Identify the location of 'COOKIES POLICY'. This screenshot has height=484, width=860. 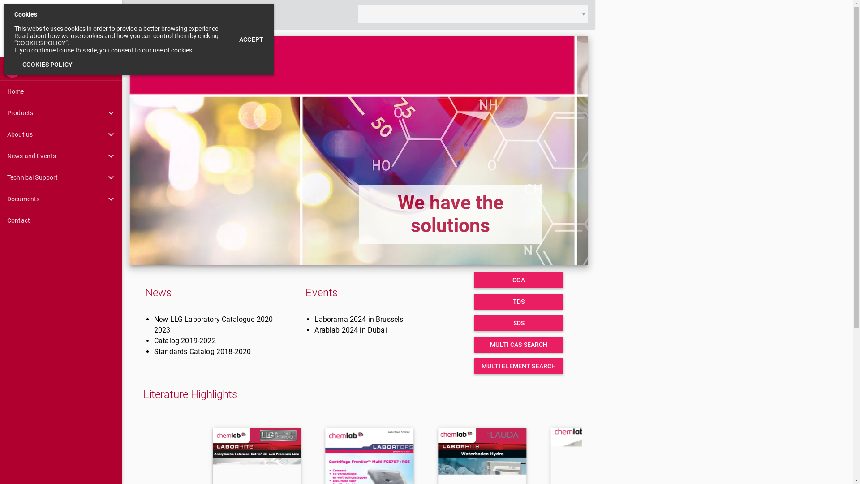
(47, 64).